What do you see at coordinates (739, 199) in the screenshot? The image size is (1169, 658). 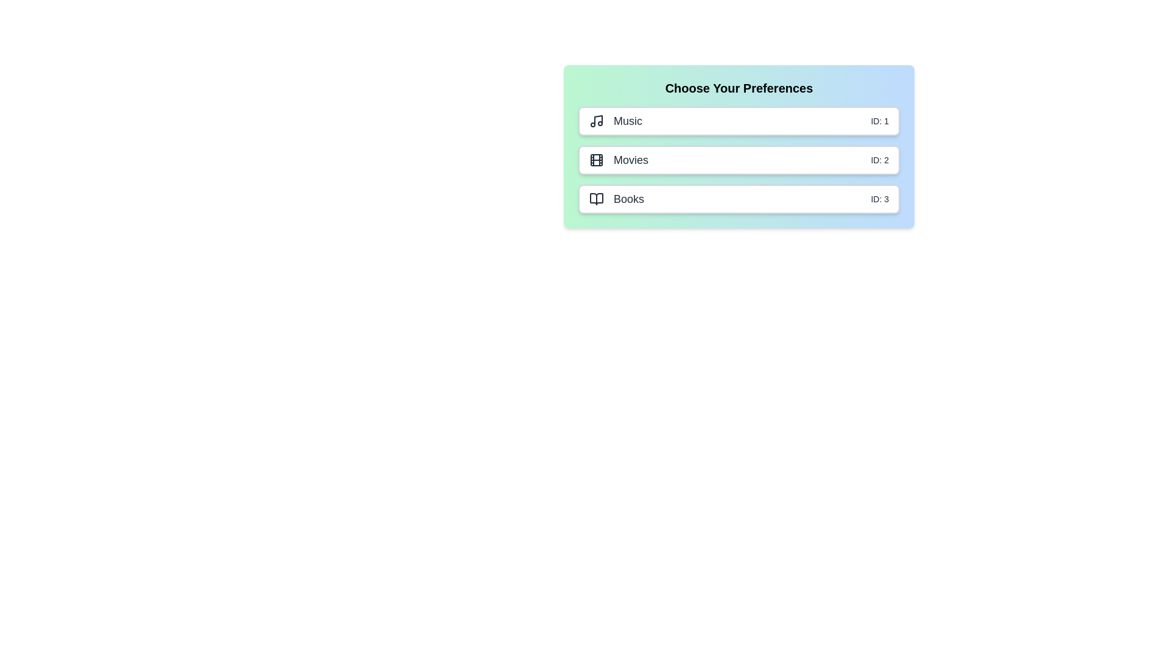 I see `the multimedia item Books from the list` at bounding box center [739, 199].